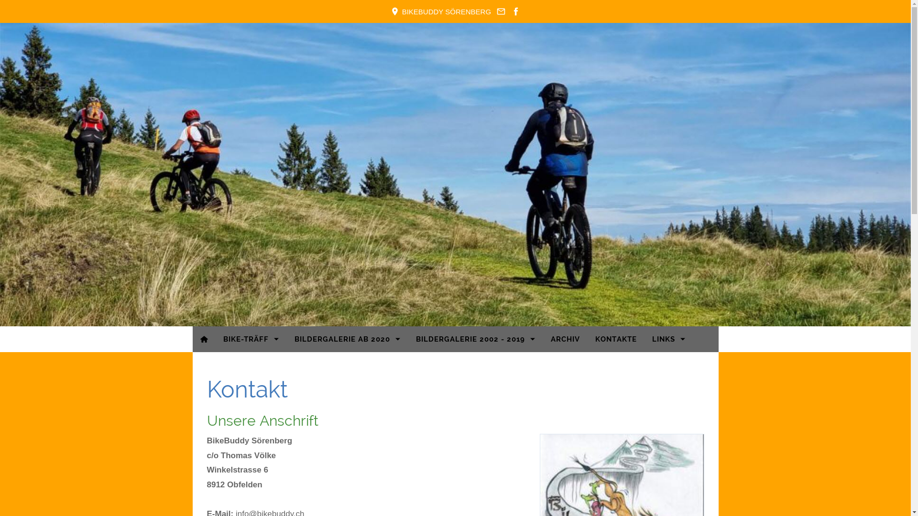 The image size is (918, 516). Describe the element at coordinates (615, 338) in the screenshot. I see `'KONTAKTE'` at that location.